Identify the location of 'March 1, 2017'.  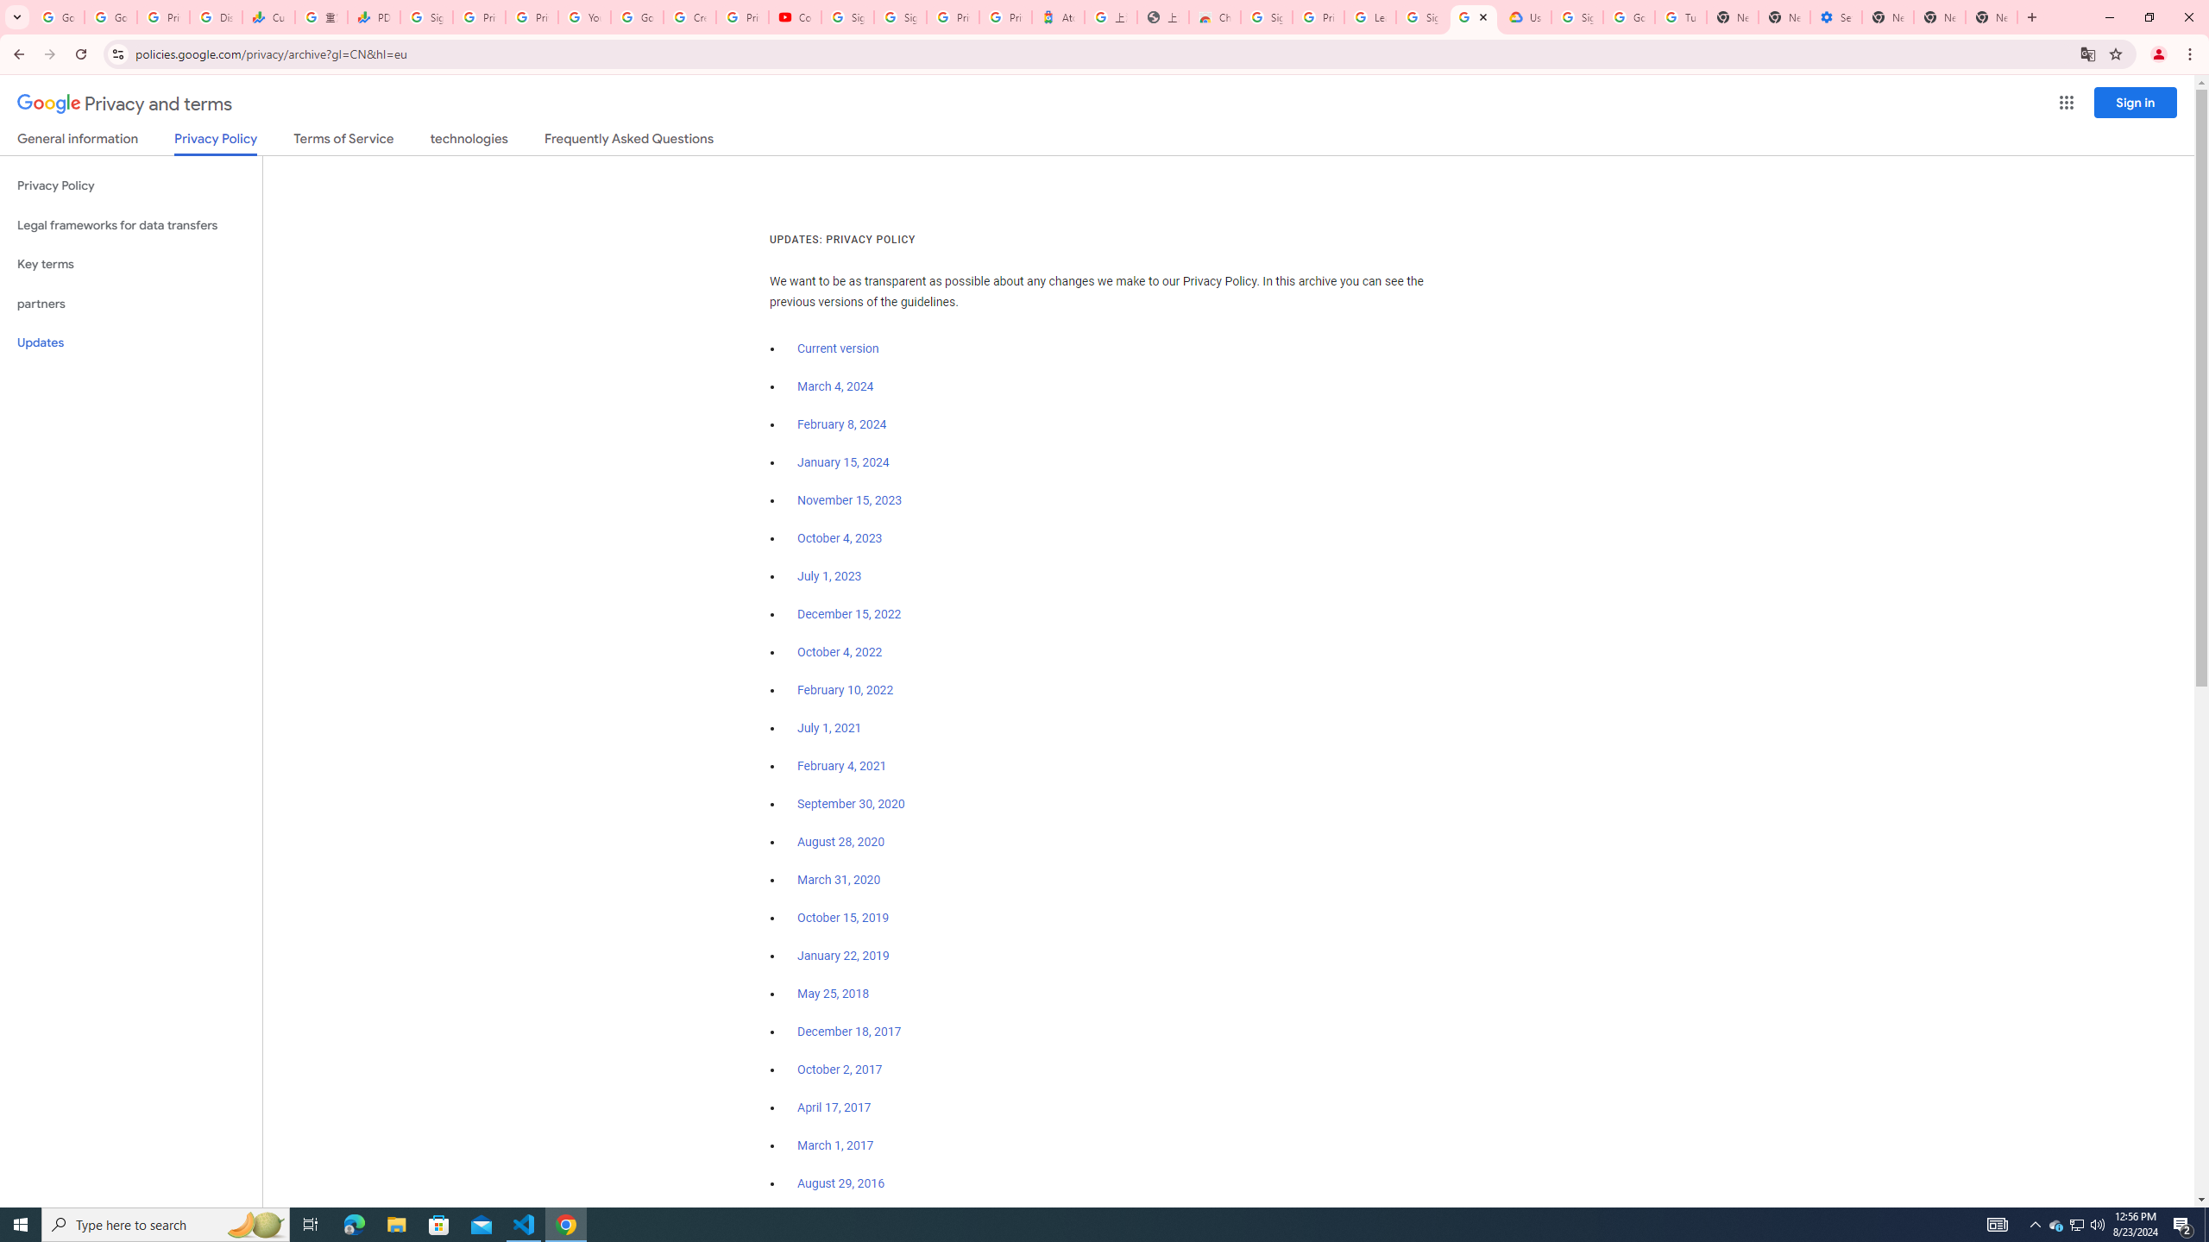
(834, 1144).